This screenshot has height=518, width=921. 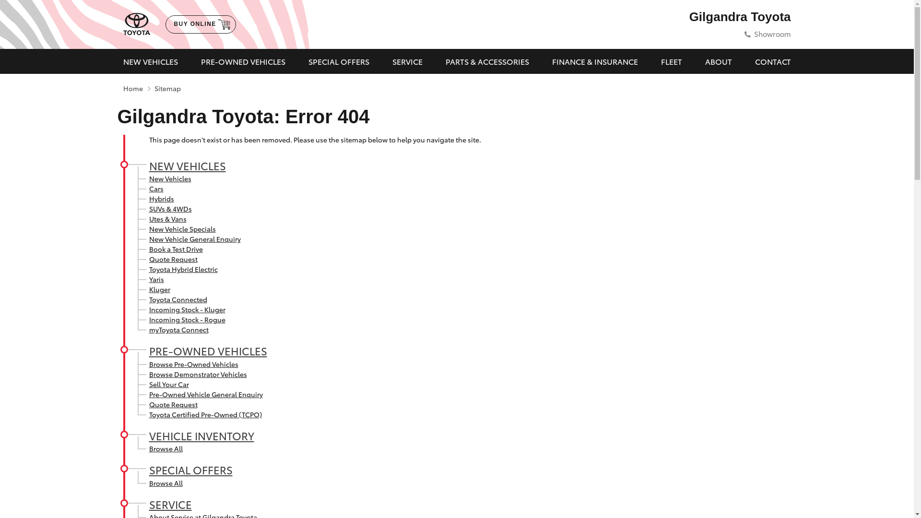 I want to click on 'Kluger', so click(x=159, y=288).